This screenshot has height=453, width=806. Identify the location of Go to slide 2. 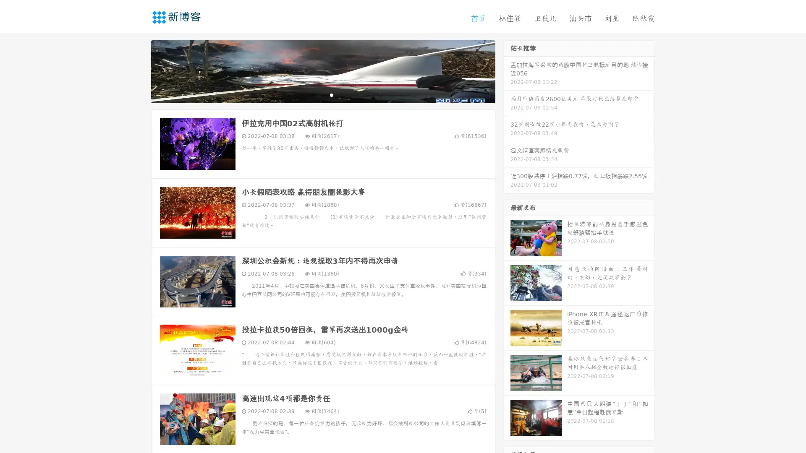
(322, 94).